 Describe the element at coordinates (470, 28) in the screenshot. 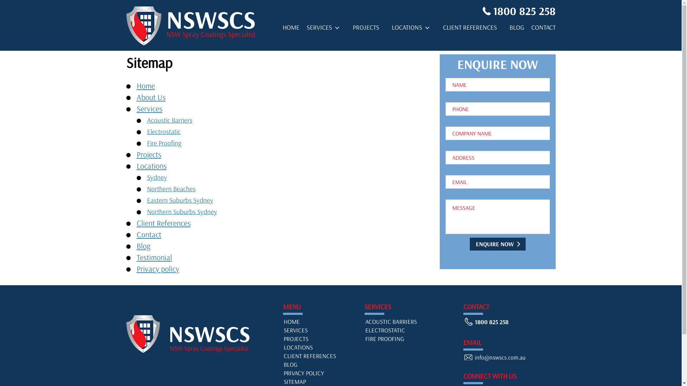

I see `'CLIENT REFERENCES'` at that location.